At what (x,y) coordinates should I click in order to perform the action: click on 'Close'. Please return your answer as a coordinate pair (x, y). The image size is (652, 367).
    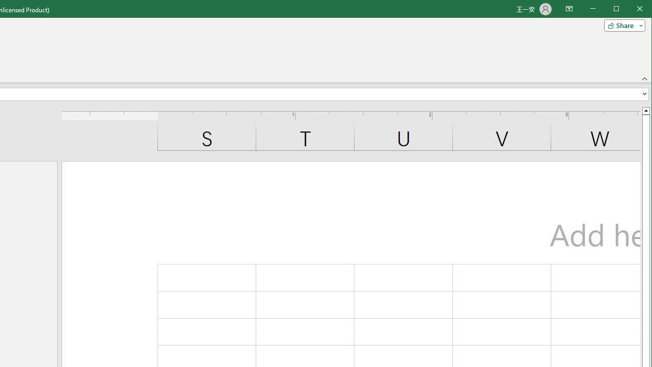
    Looking at the image, I should click on (642, 10).